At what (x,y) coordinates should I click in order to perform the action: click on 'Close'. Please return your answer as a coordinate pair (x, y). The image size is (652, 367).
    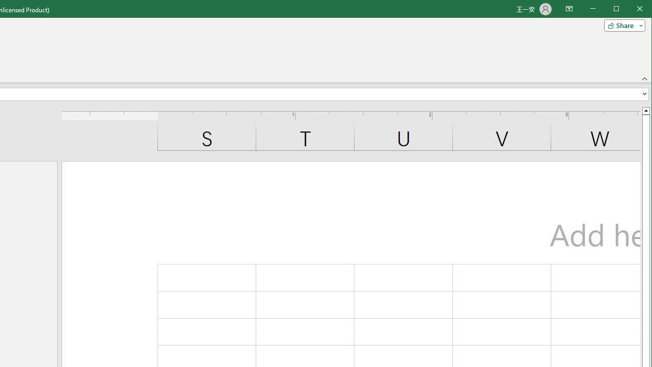
    Looking at the image, I should click on (642, 10).